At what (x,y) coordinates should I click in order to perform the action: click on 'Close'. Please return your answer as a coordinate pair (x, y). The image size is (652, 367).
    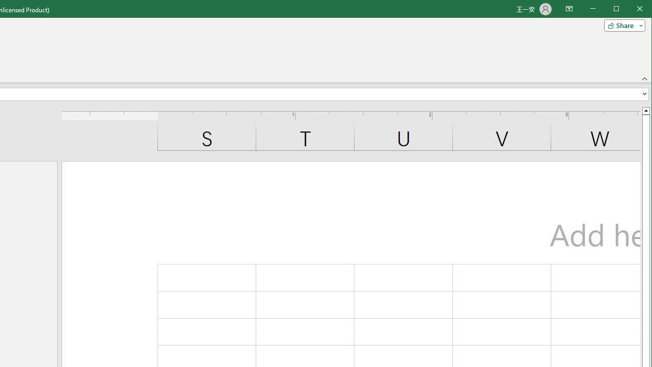
    Looking at the image, I should click on (642, 10).